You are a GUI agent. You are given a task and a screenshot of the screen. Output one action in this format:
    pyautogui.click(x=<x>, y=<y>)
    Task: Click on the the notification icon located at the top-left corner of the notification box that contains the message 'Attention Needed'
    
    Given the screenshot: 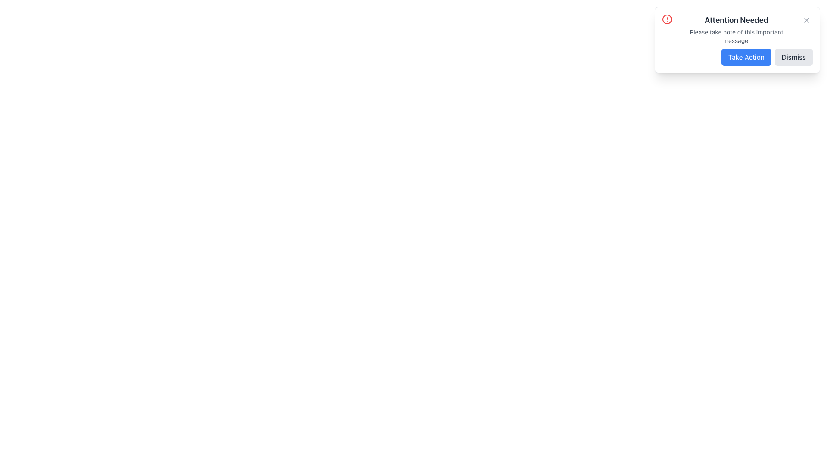 What is the action you would take?
    pyautogui.click(x=667, y=19)
    